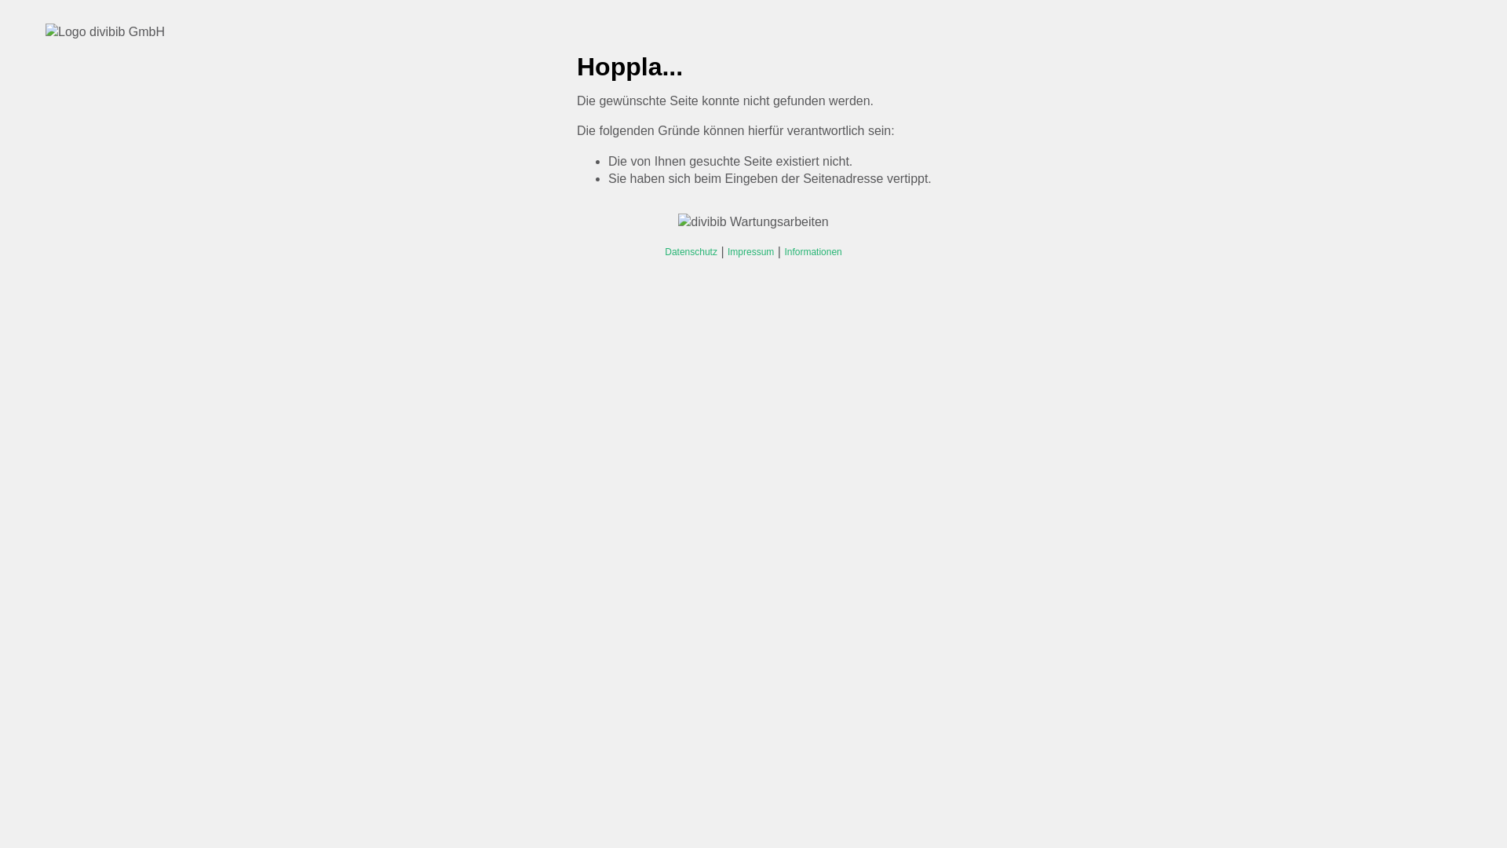  Describe the element at coordinates (750, 251) in the screenshot. I see `'Impressum'` at that location.